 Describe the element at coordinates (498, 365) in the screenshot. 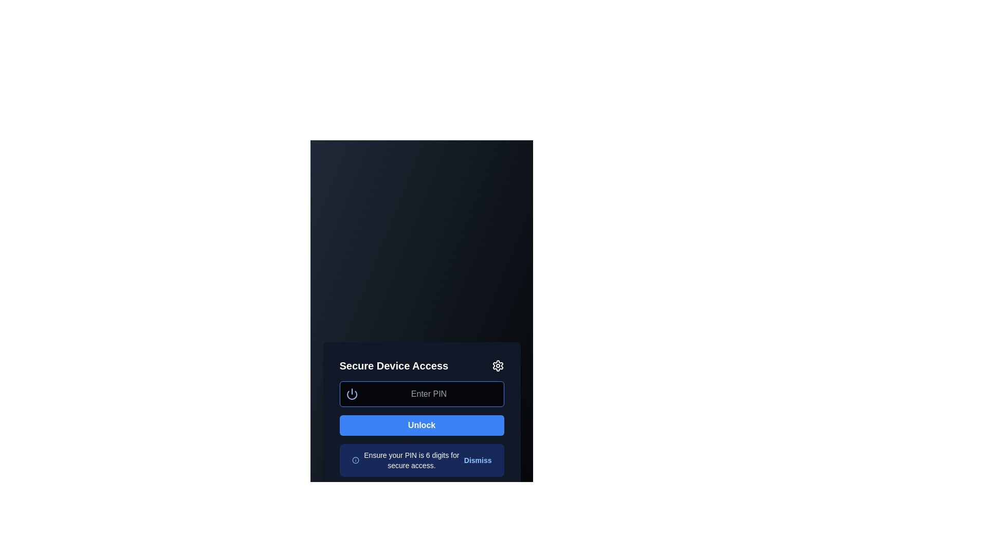

I see `the gear-shaped settings icon located in the top-right corner of the 'Secure Device Access' module` at that location.